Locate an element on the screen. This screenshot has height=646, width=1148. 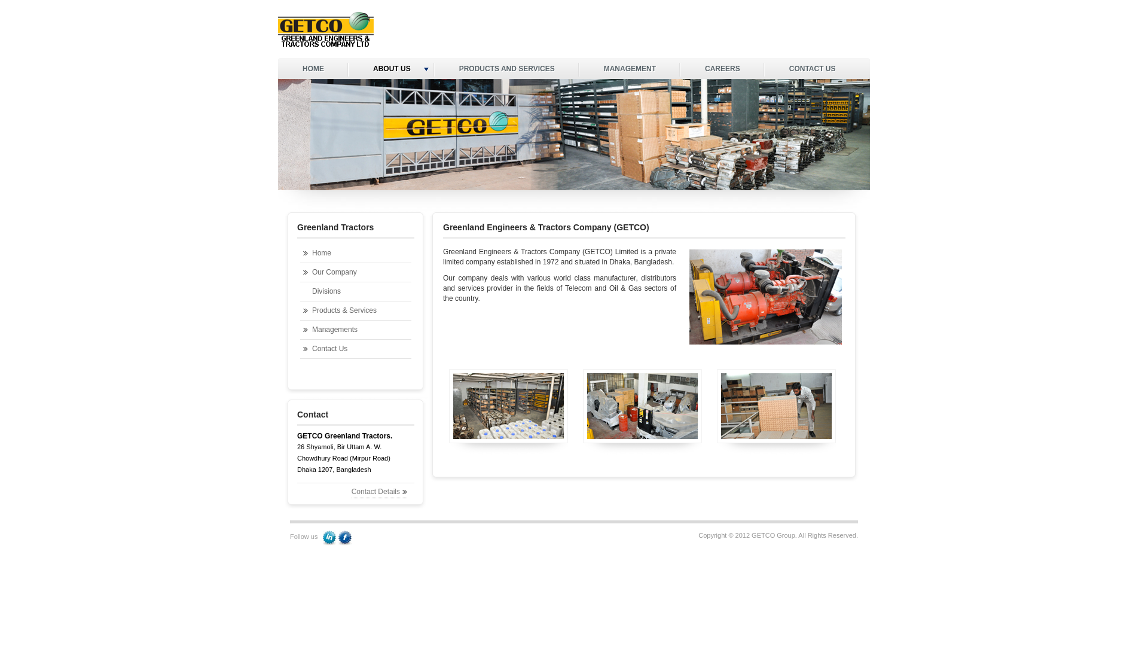
'Divisions' is located at coordinates (355, 291).